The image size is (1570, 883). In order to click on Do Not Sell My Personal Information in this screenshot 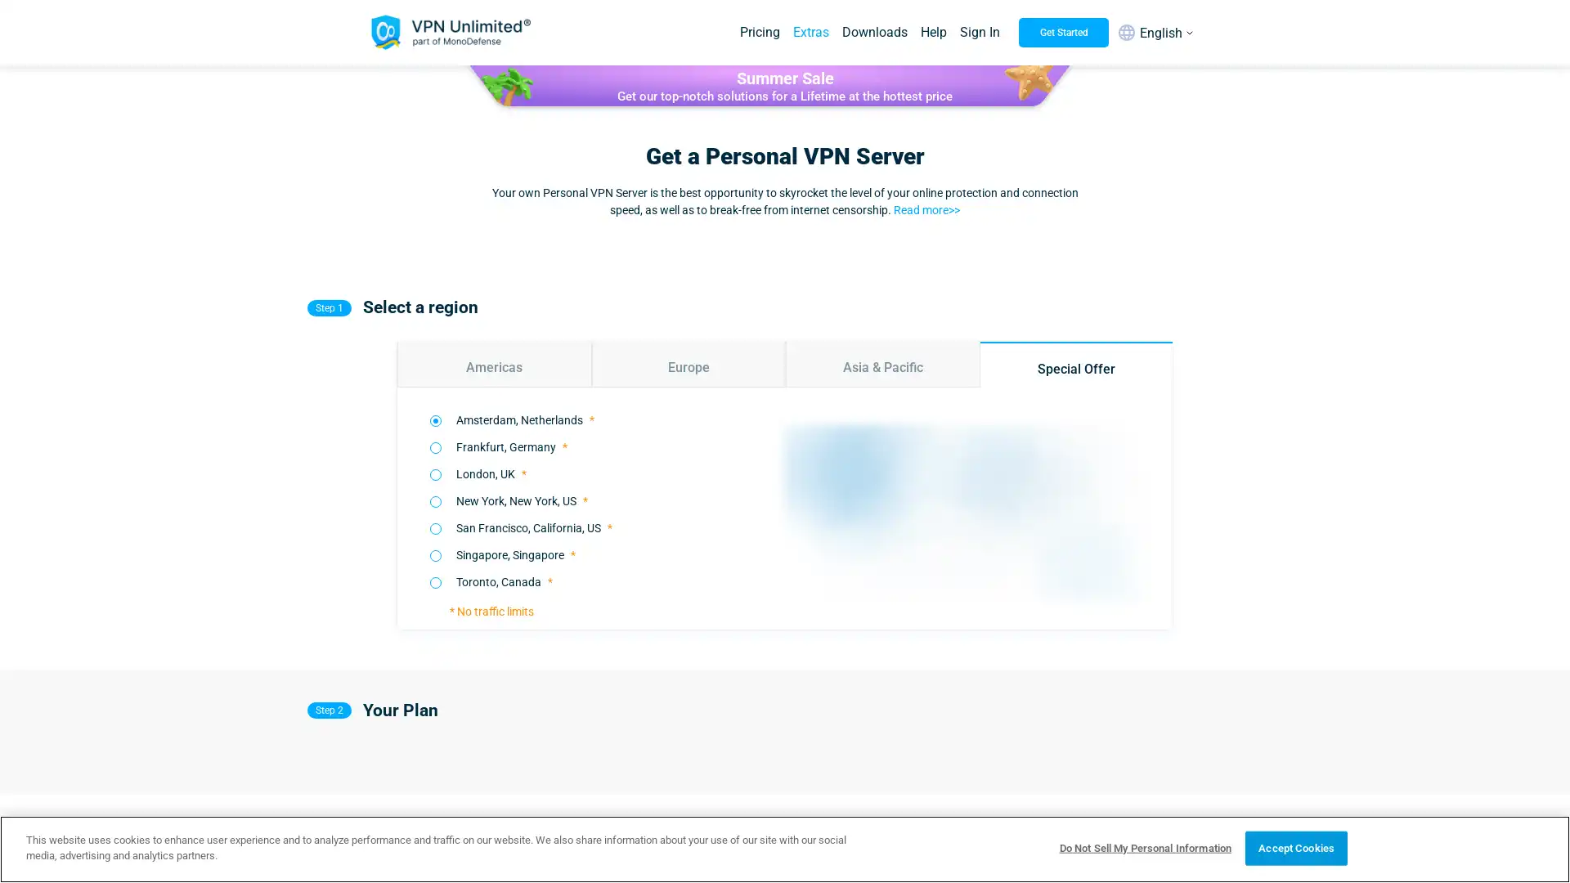, I will do `click(1144, 847)`.